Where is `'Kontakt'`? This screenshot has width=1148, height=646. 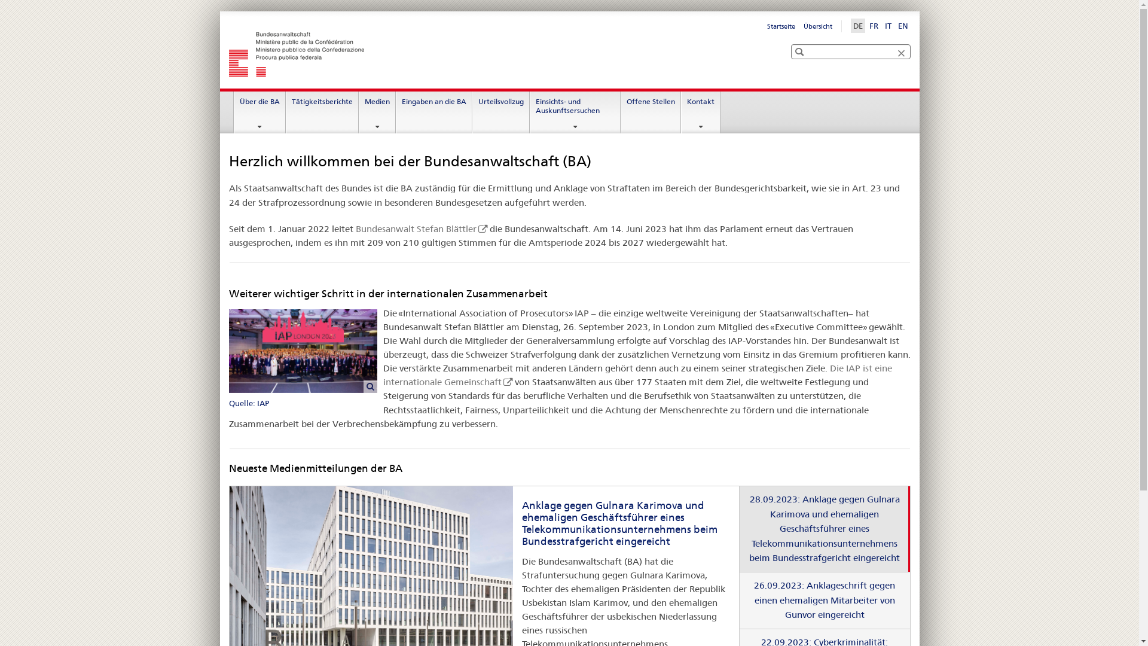
'Kontakt' is located at coordinates (700, 112).